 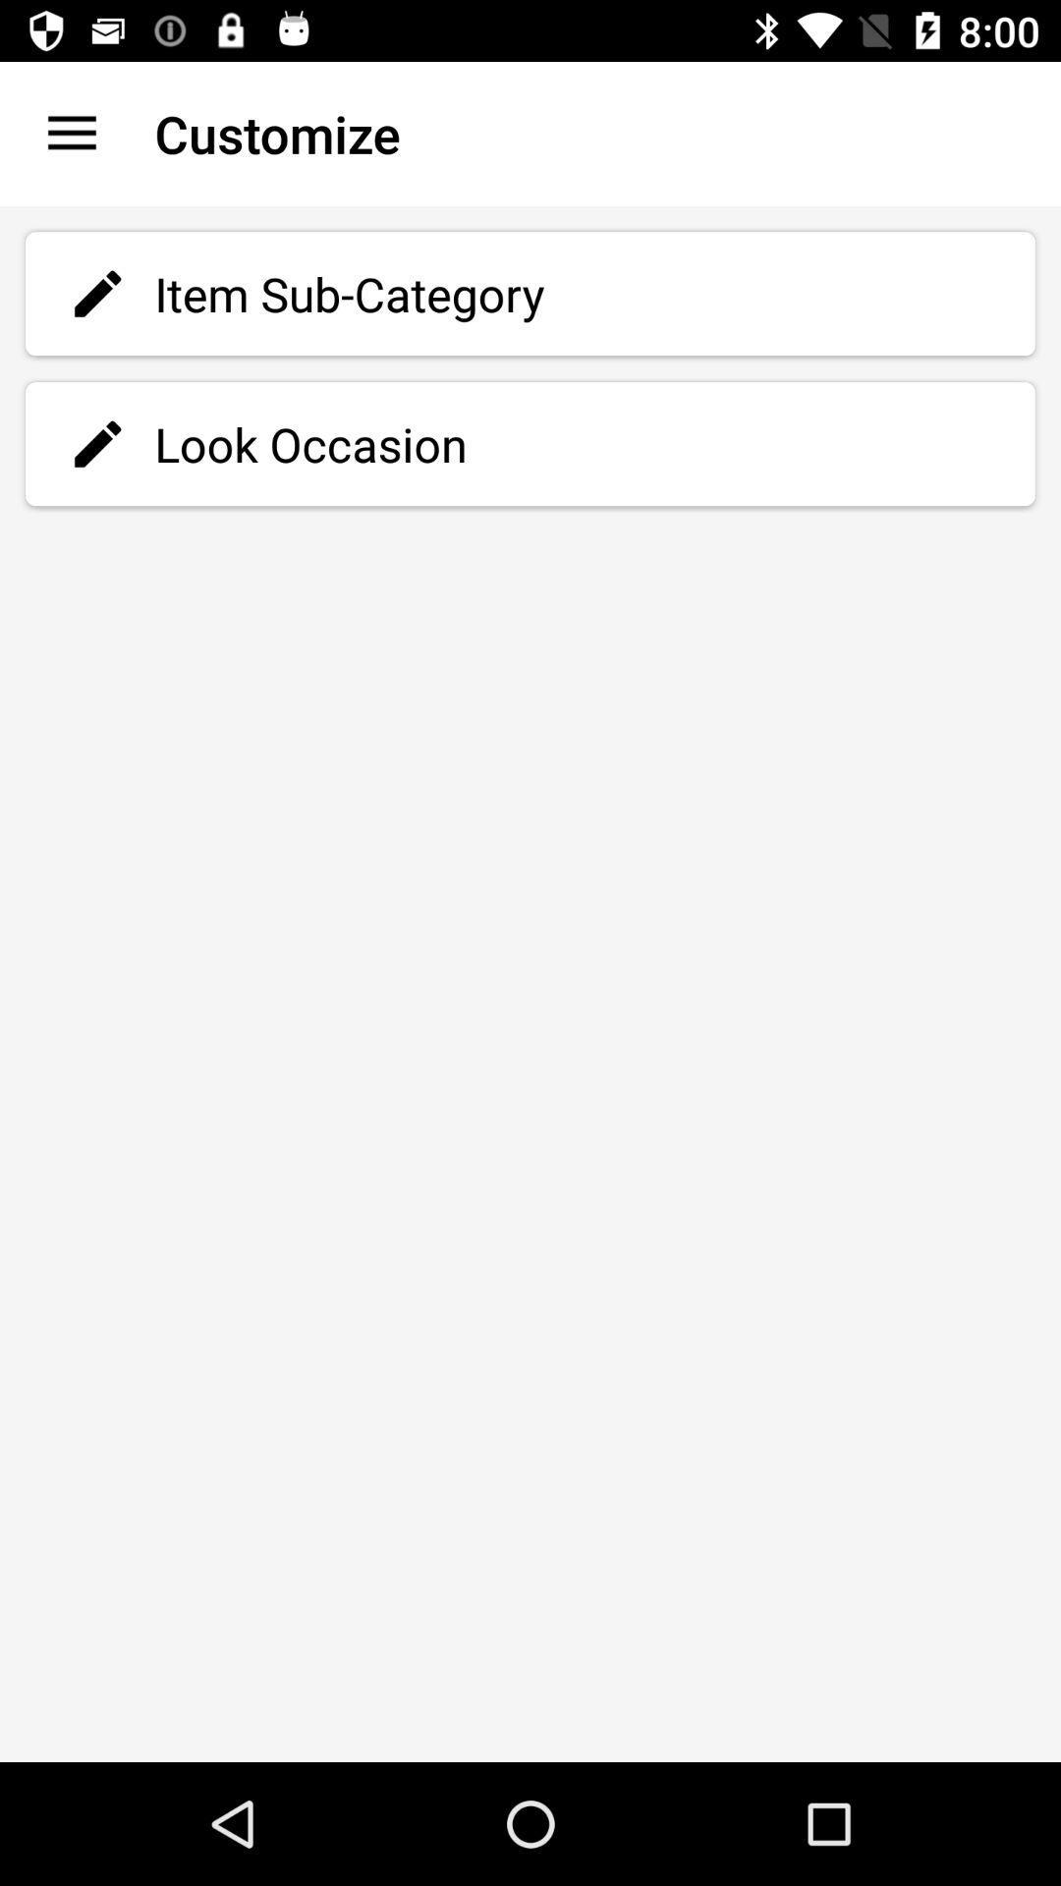 What do you see at coordinates (71, 133) in the screenshot?
I see `icon next to the customize icon` at bounding box center [71, 133].